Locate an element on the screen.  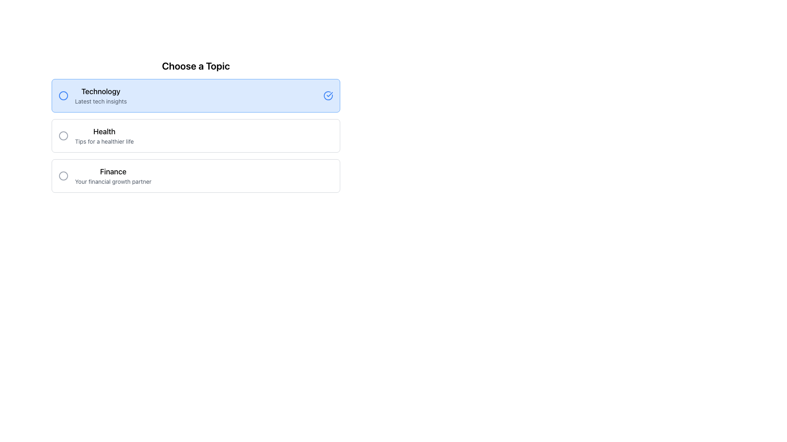
the 'Health' label, which serves as a title for the health topic and is located centrally above the subtext 'Tips for a healthier life' is located at coordinates (104, 131).